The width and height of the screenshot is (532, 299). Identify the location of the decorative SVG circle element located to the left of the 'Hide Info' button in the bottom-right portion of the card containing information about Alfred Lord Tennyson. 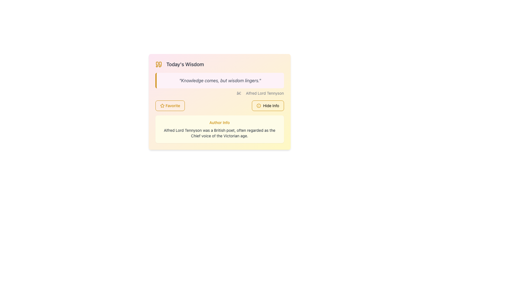
(258, 105).